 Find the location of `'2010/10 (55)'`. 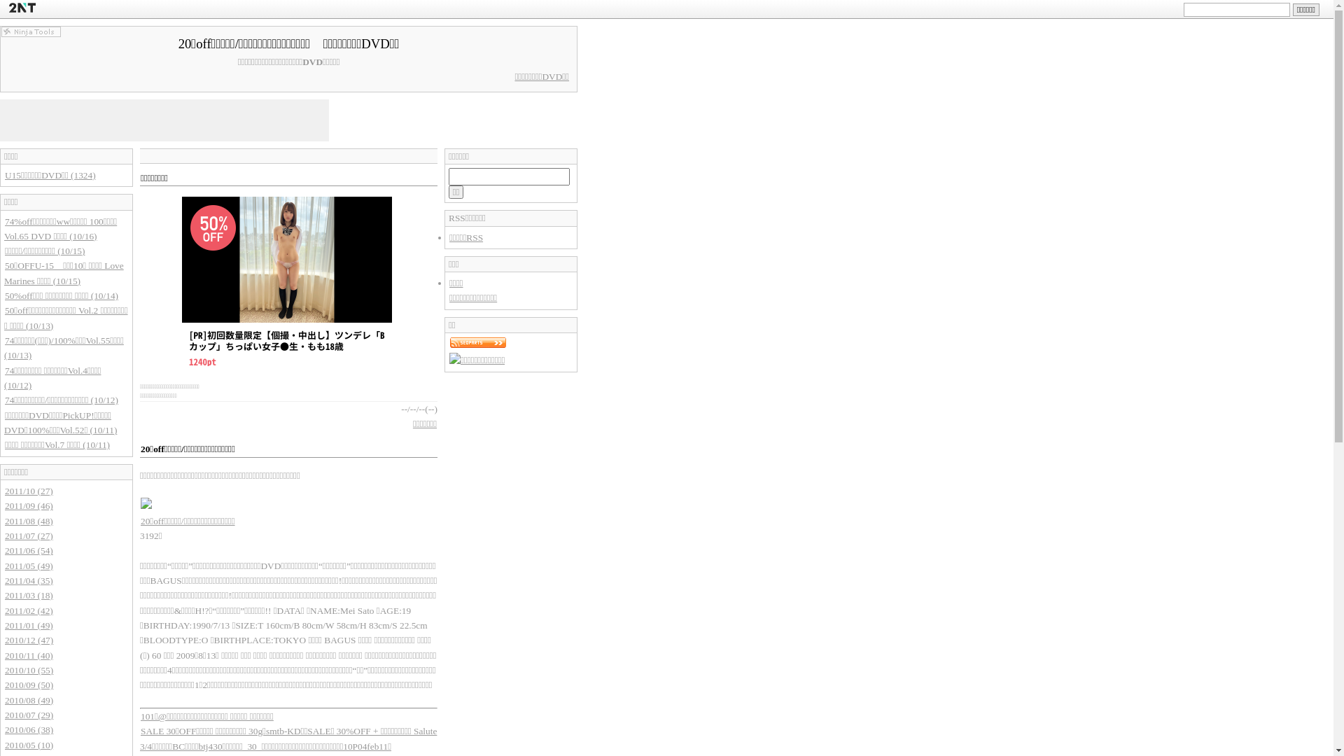

'2010/10 (55)' is located at coordinates (29, 669).